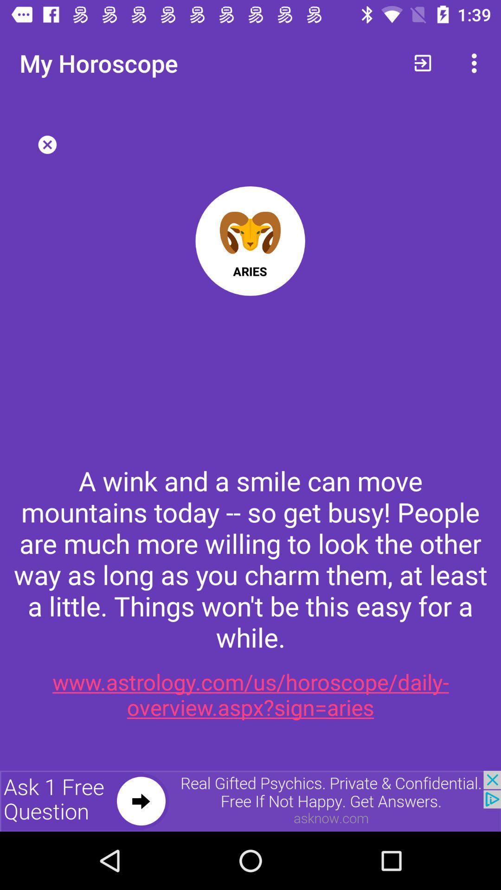  Describe the element at coordinates (250, 801) in the screenshot. I see `advertisement adding button` at that location.